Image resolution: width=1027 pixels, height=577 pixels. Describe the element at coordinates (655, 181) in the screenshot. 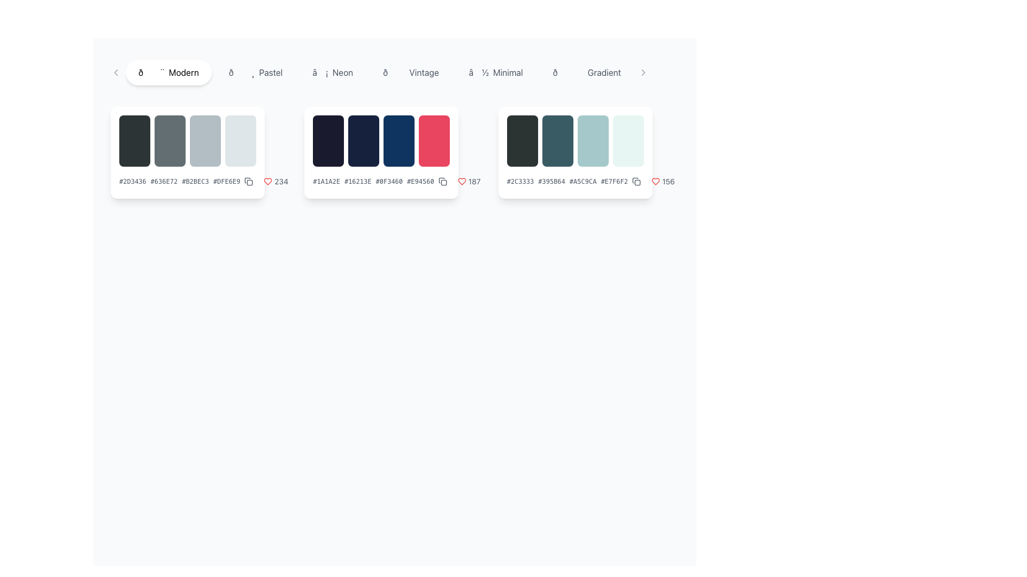

I see `the heart-shaped 'like' button located beneath the color palette with hex codes '#2C3333', '#395B64', '#A5C9CA', and '#E7F6F2' to register a 'like'` at that location.